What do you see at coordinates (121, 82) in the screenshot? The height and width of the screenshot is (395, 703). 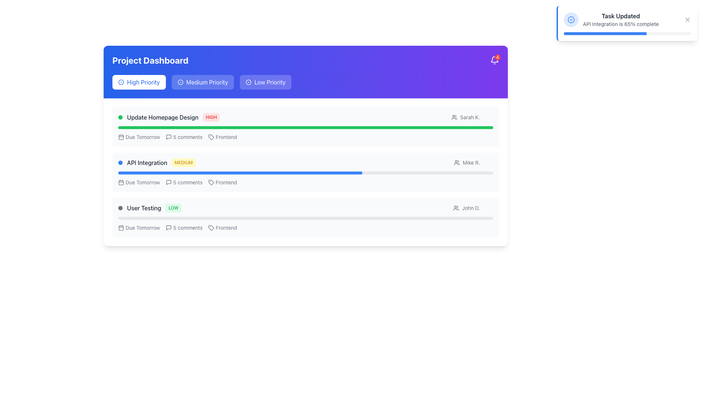 I see `the circular decorative icon enhancing the 'High Priority' label within the 'Priority' section of the interface` at bounding box center [121, 82].